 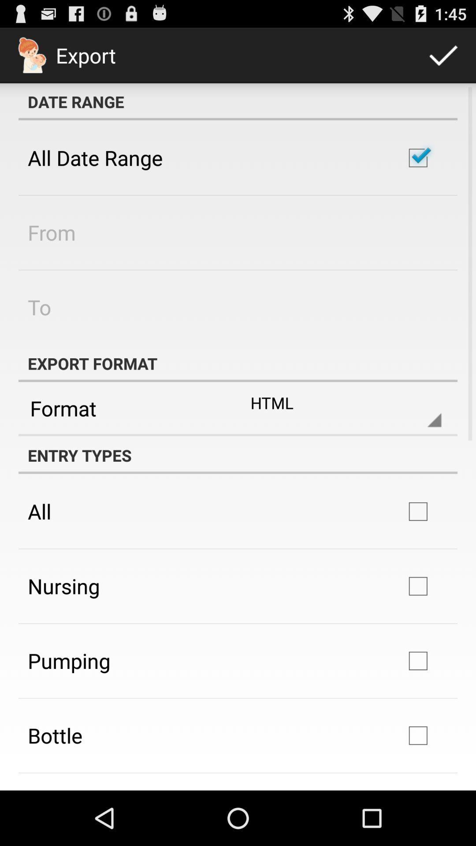 What do you see at coordinates (52, 232) in the screenshot?
I see `the from item` at bounding box center [52, 232].